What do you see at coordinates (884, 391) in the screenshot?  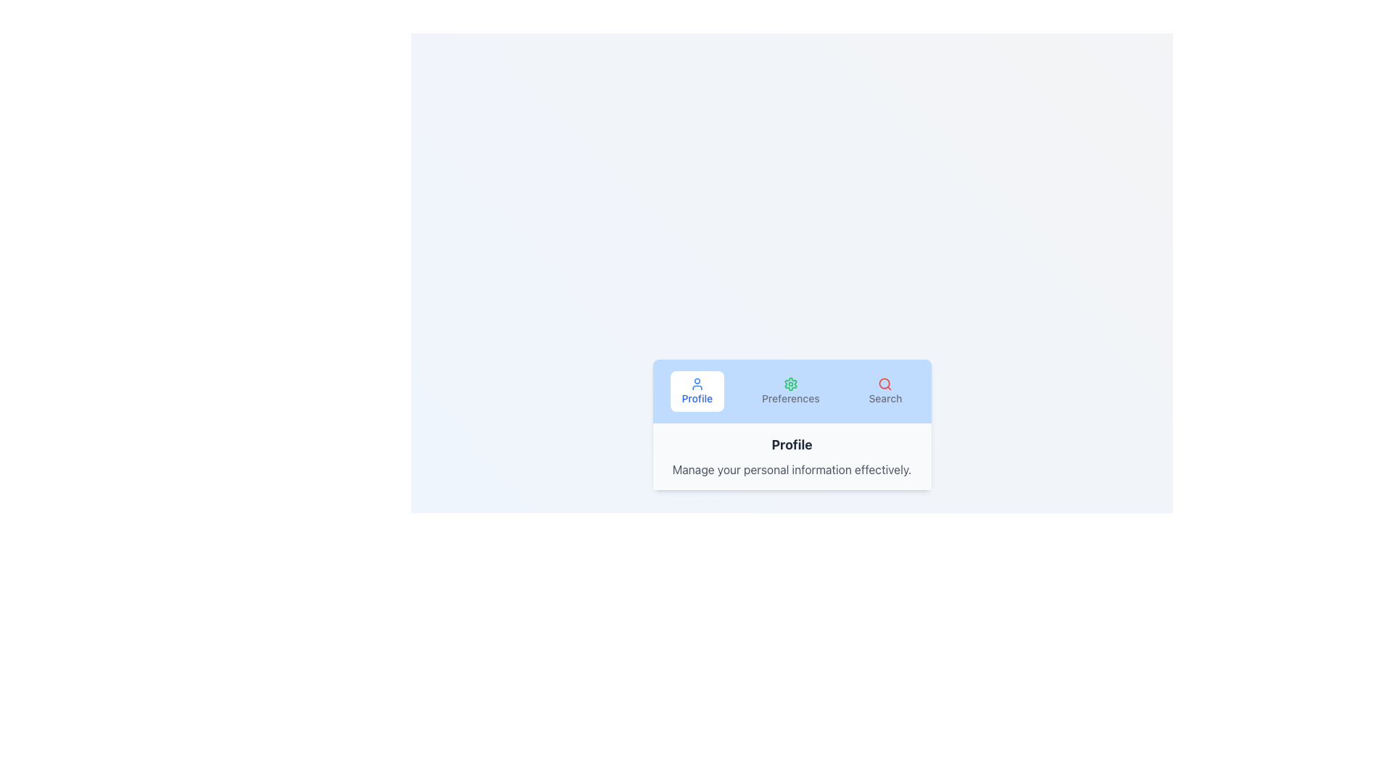 I see `the 'Search' button located on the rightmost side of a horizontal row of buttons labeled 'Profile', 'Preferences', and 'Search' to change its appearance` at bounding box center [884, 391].